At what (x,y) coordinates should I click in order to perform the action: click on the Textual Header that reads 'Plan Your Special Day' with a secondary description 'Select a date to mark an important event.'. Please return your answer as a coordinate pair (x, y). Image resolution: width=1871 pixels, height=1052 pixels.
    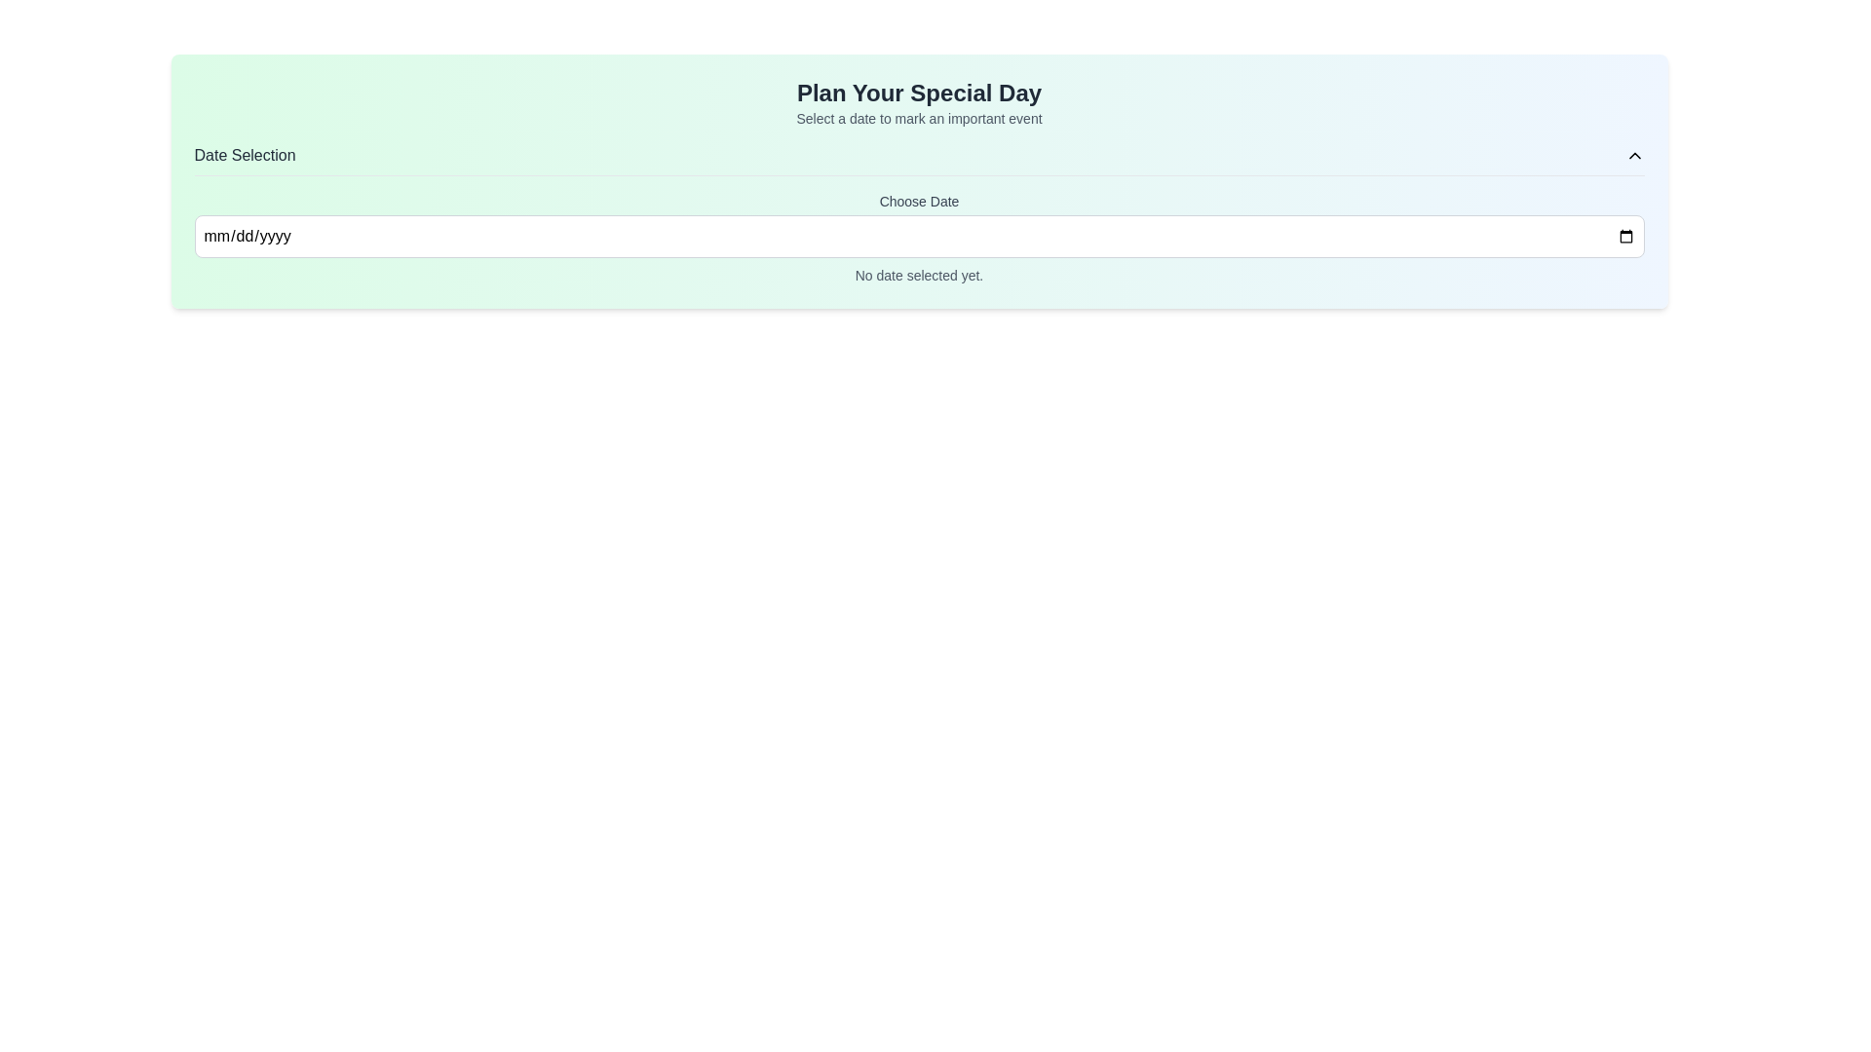
    Looking at the image, I should click on (918, 102).